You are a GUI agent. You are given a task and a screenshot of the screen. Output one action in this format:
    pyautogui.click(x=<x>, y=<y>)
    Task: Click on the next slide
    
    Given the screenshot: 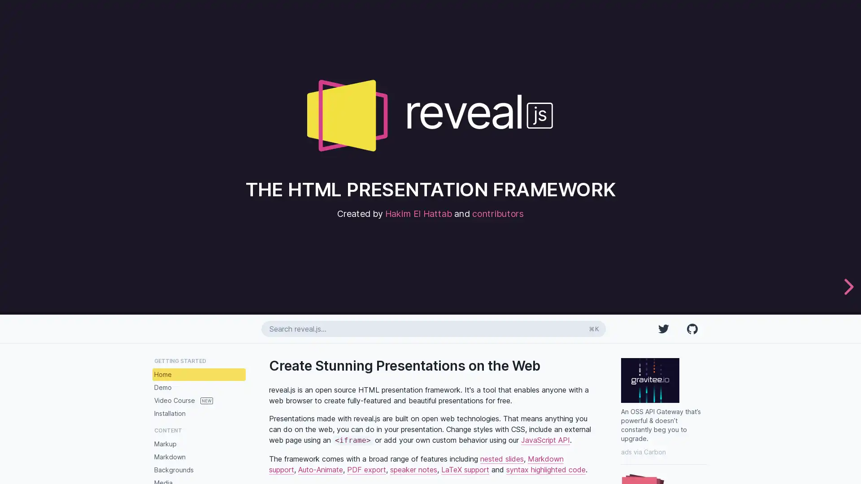 What is the action you would take?
    pyautogui.click(x=847, y=287)
    